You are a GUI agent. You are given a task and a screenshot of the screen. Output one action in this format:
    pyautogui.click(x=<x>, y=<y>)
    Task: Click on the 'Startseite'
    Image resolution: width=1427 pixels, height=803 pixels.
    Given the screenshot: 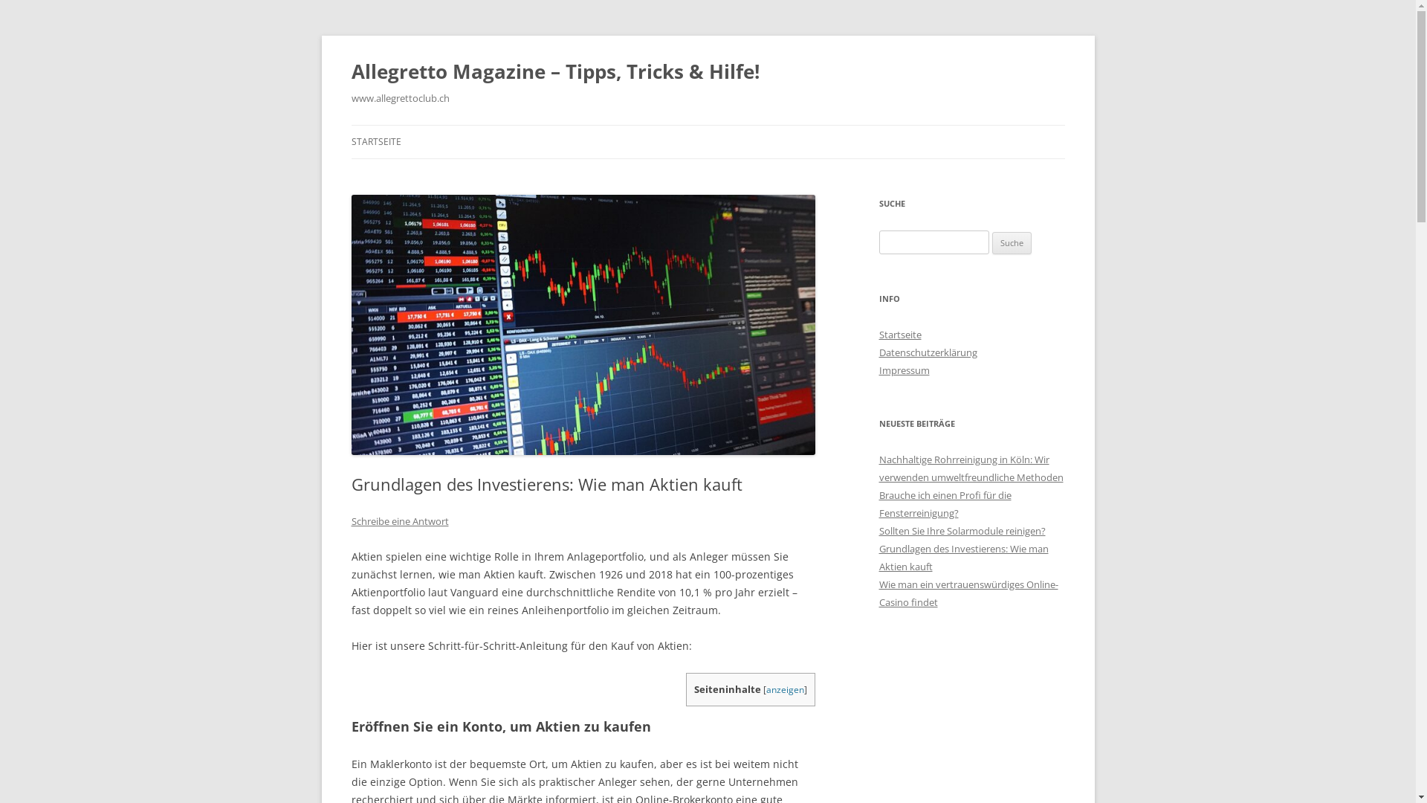 What is the action you would take?
    pyautogui.click(x=899, y=335)
    